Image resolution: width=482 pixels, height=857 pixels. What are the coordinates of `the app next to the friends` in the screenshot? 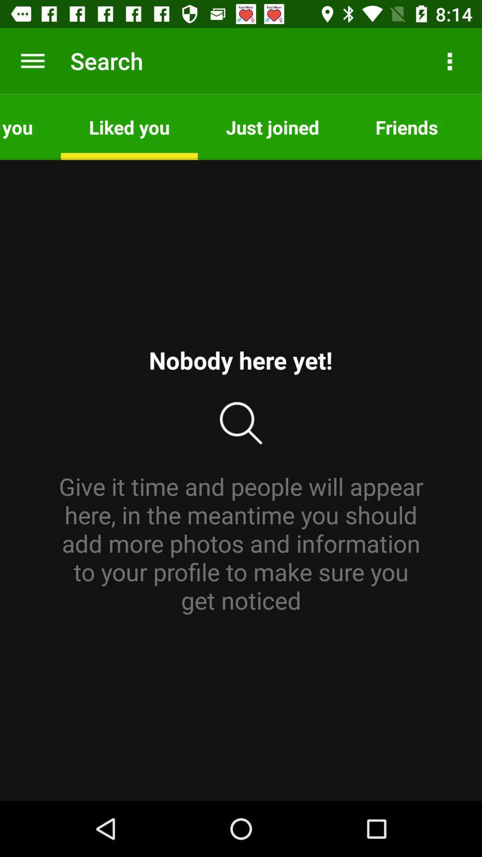 It's located at (272, 126).